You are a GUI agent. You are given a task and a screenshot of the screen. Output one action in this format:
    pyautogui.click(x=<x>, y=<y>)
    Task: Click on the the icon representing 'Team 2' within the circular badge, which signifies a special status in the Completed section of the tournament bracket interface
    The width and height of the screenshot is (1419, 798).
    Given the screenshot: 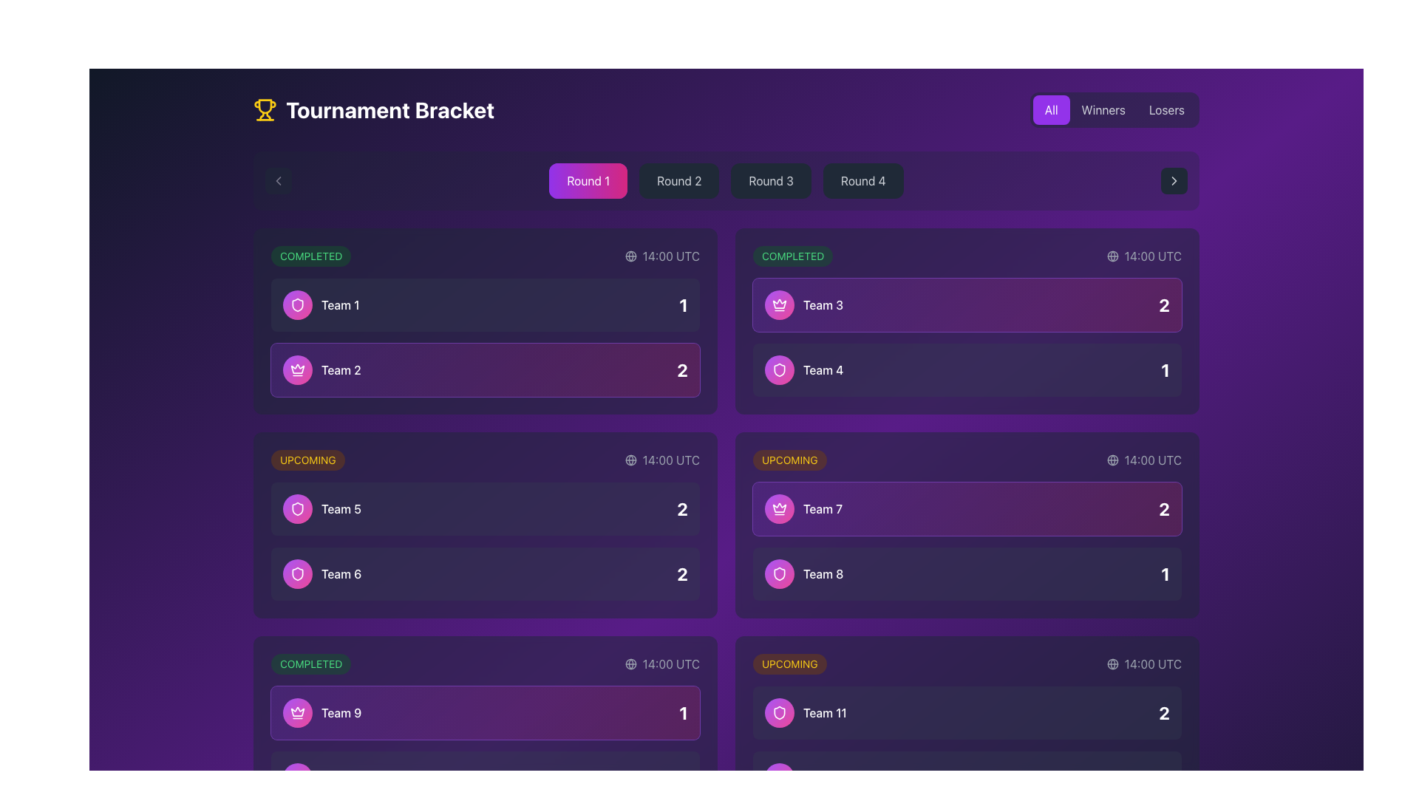 What is the action you would take?
    pyautogui.click(x=297, y=369)
    